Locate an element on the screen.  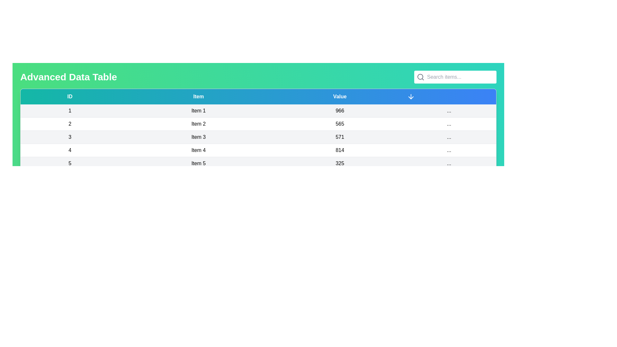
the column header Value to sort the table by that column is located at coordinates (339, 96).